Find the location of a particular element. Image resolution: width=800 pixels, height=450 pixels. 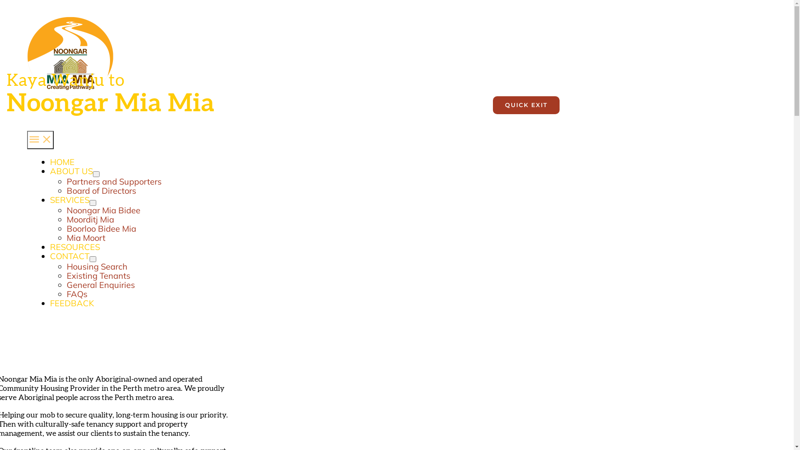

'HOME' is located at coordinates (50, 162).